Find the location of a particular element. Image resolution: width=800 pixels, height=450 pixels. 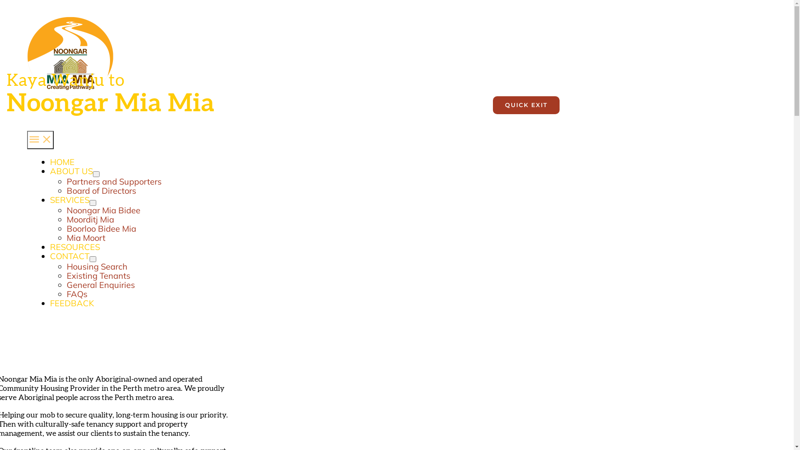

'HOME' is located at coordinates (50, 162).